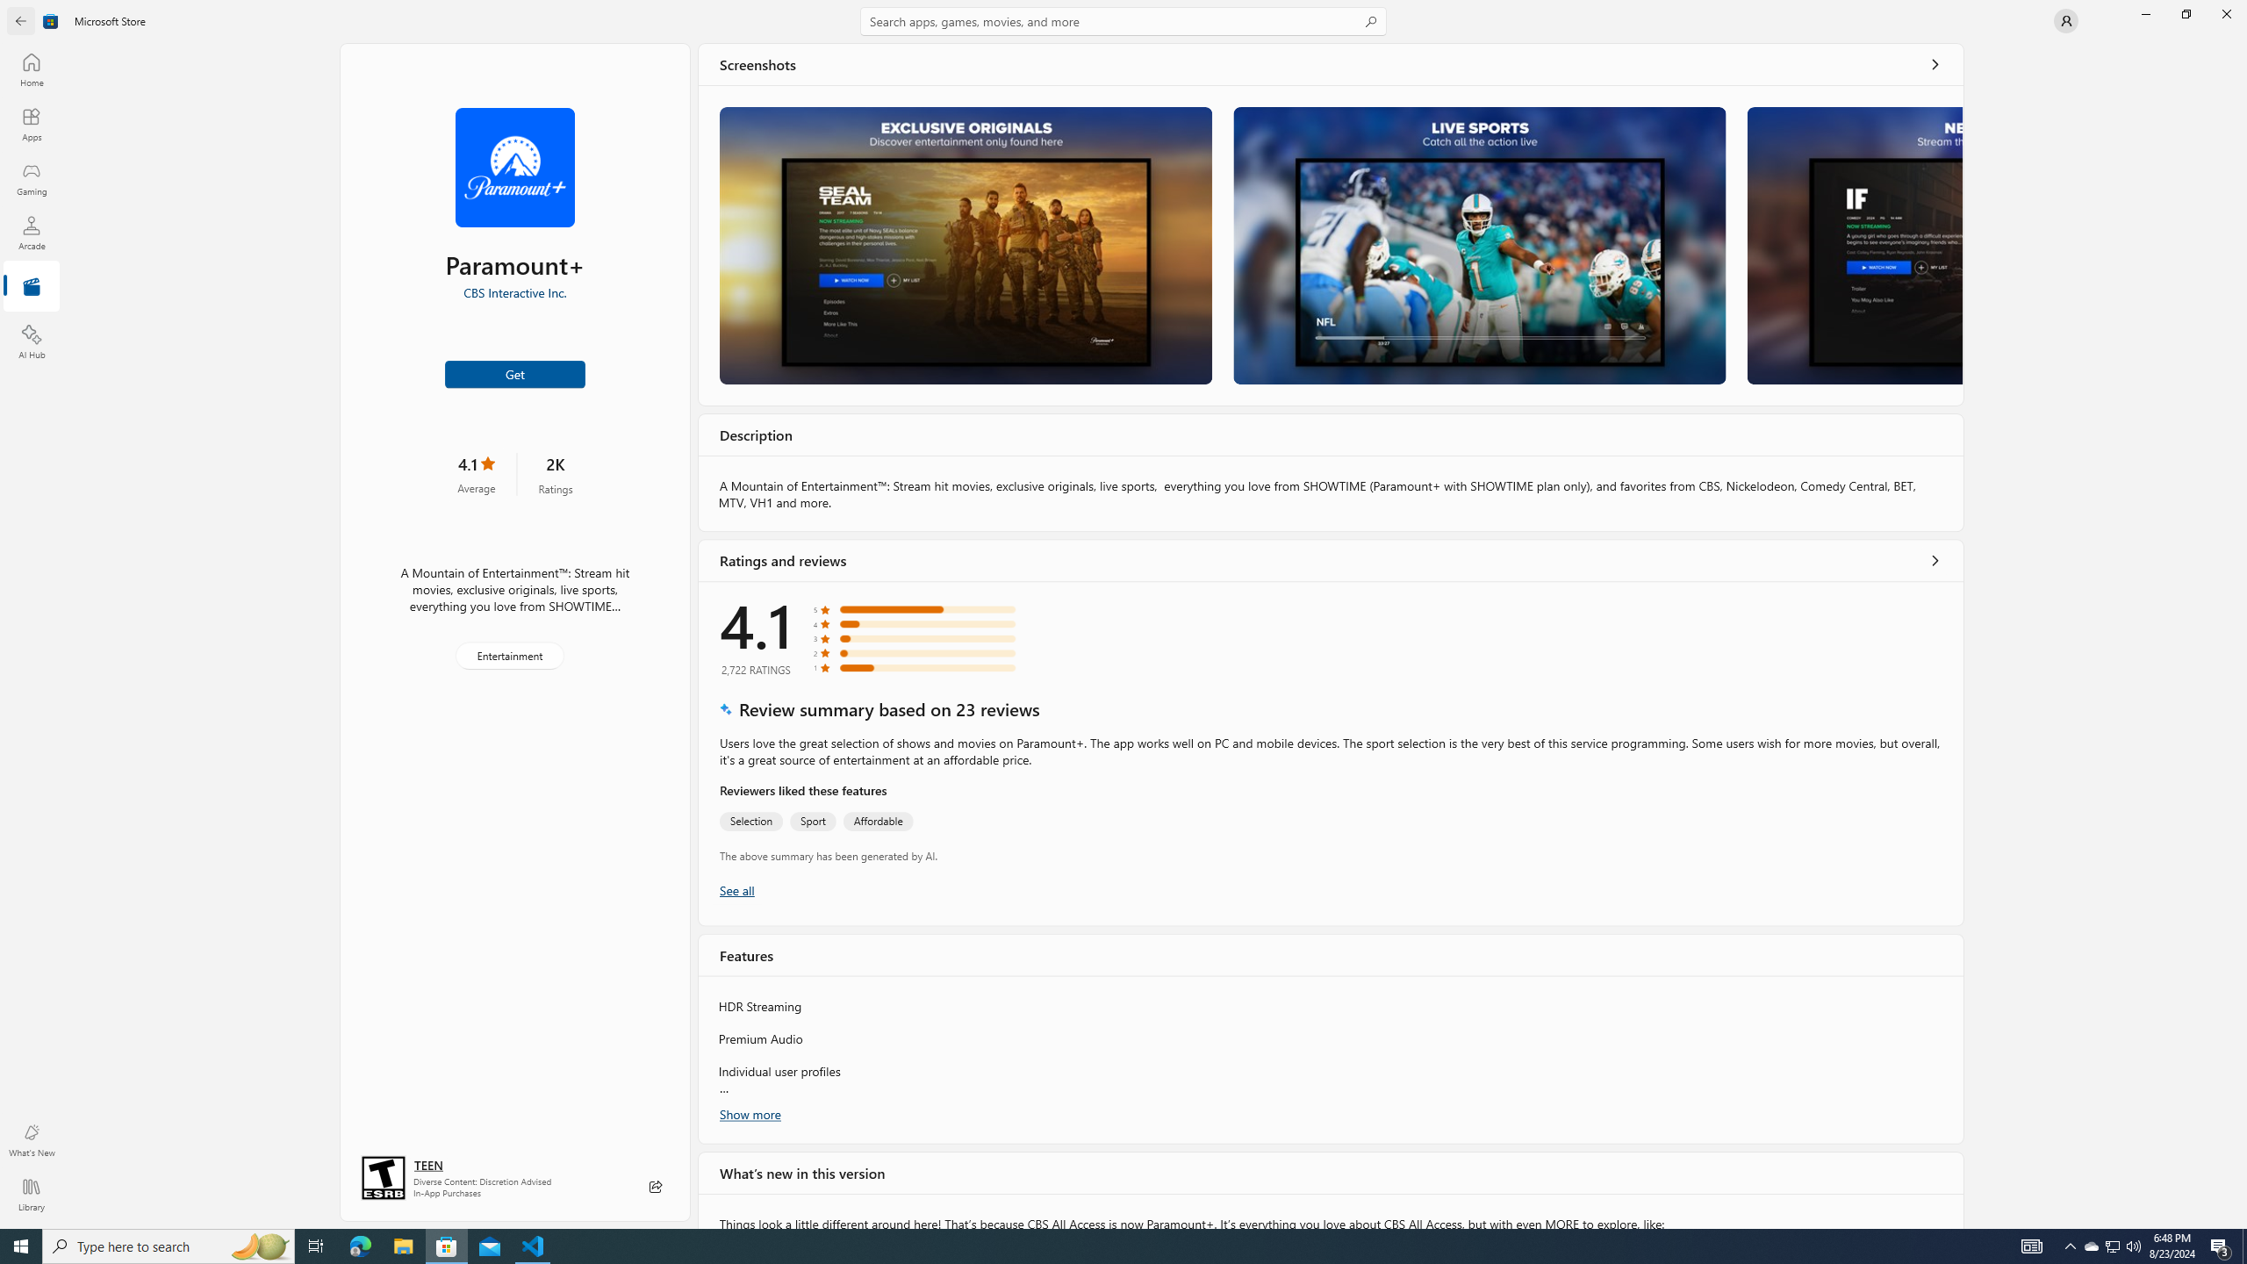 This screenshot has height=1264, width=2247. I want to click on 'AI Hub', so click(30, 341).